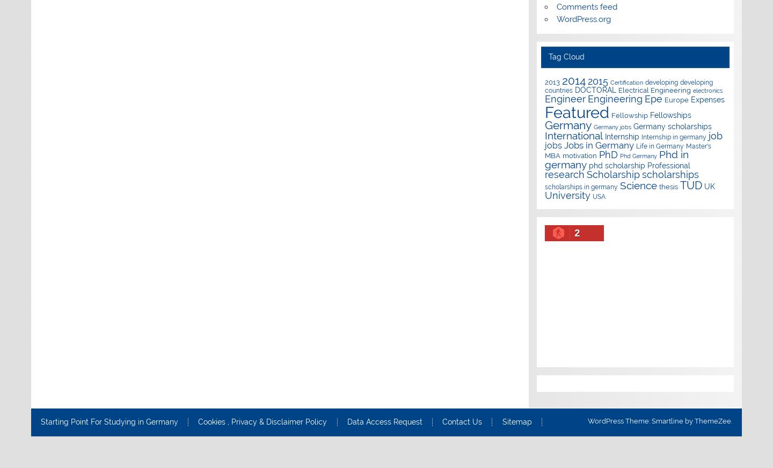 This screenshot has width=773, height=468. Describe the element at coordinates (582, 18) in the screenshot. I see `'WordPress.org'` at that location.